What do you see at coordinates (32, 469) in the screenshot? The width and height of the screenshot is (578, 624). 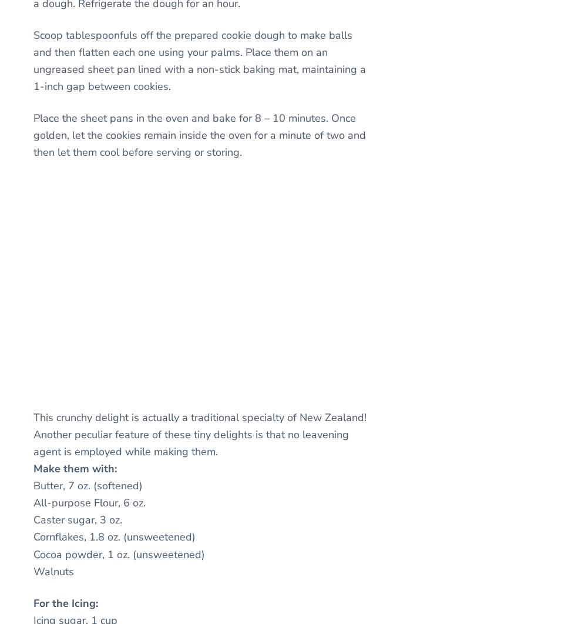 I see `'Make them with:'` at bounding box center [32, 469].